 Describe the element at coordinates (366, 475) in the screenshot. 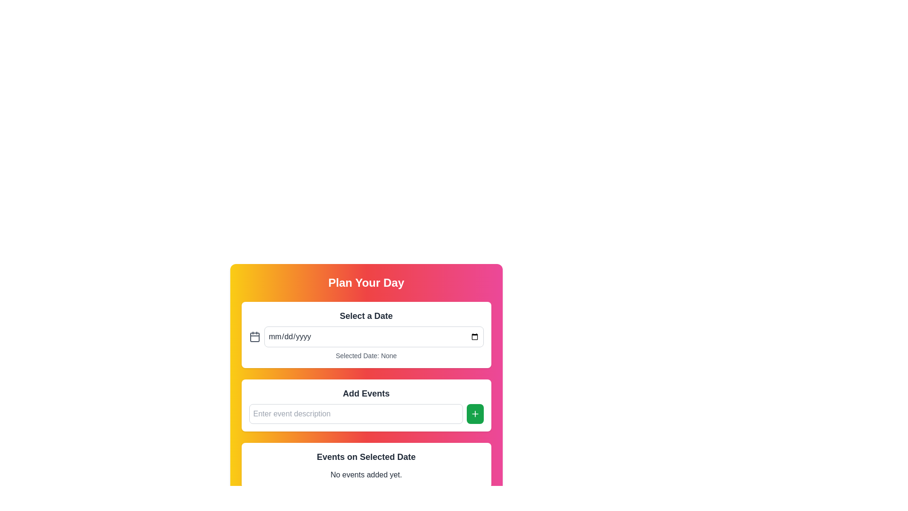

I see `the text label that reads 'No events added yet.' located in the 'Events on Selected Date' section` at that location.